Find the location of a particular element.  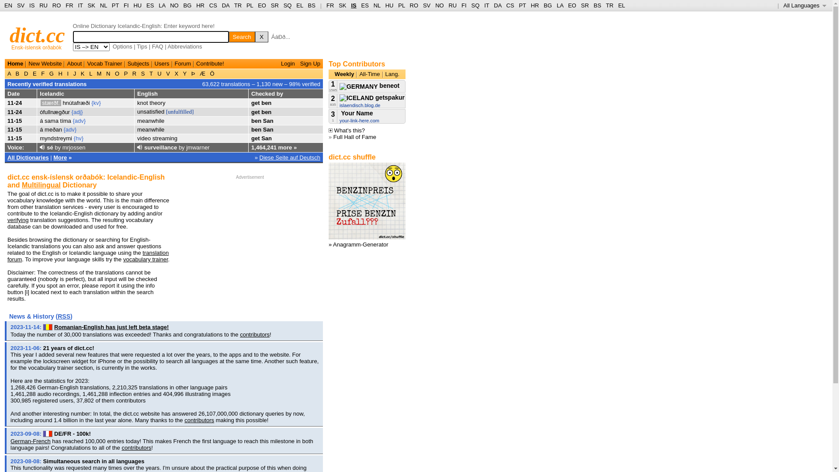

'About' is located at coordinates (74, 63).